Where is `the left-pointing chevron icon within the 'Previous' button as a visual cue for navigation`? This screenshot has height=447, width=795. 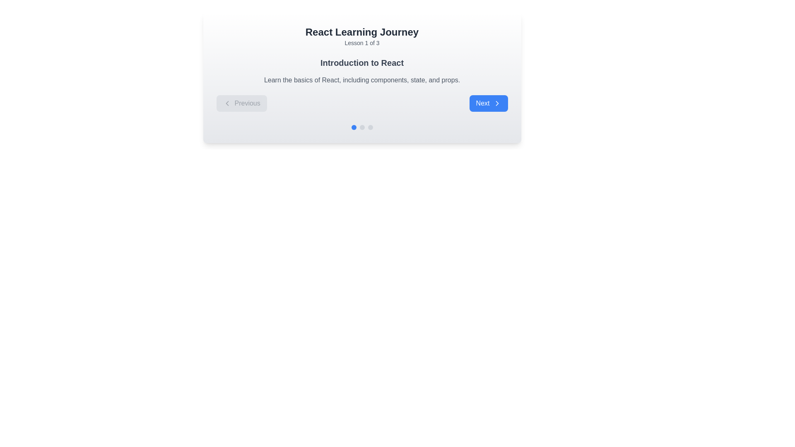
the left-pointing chevron icon within the 'Previous' button as a visual cue for navigation is located at coordinates (227, 103).